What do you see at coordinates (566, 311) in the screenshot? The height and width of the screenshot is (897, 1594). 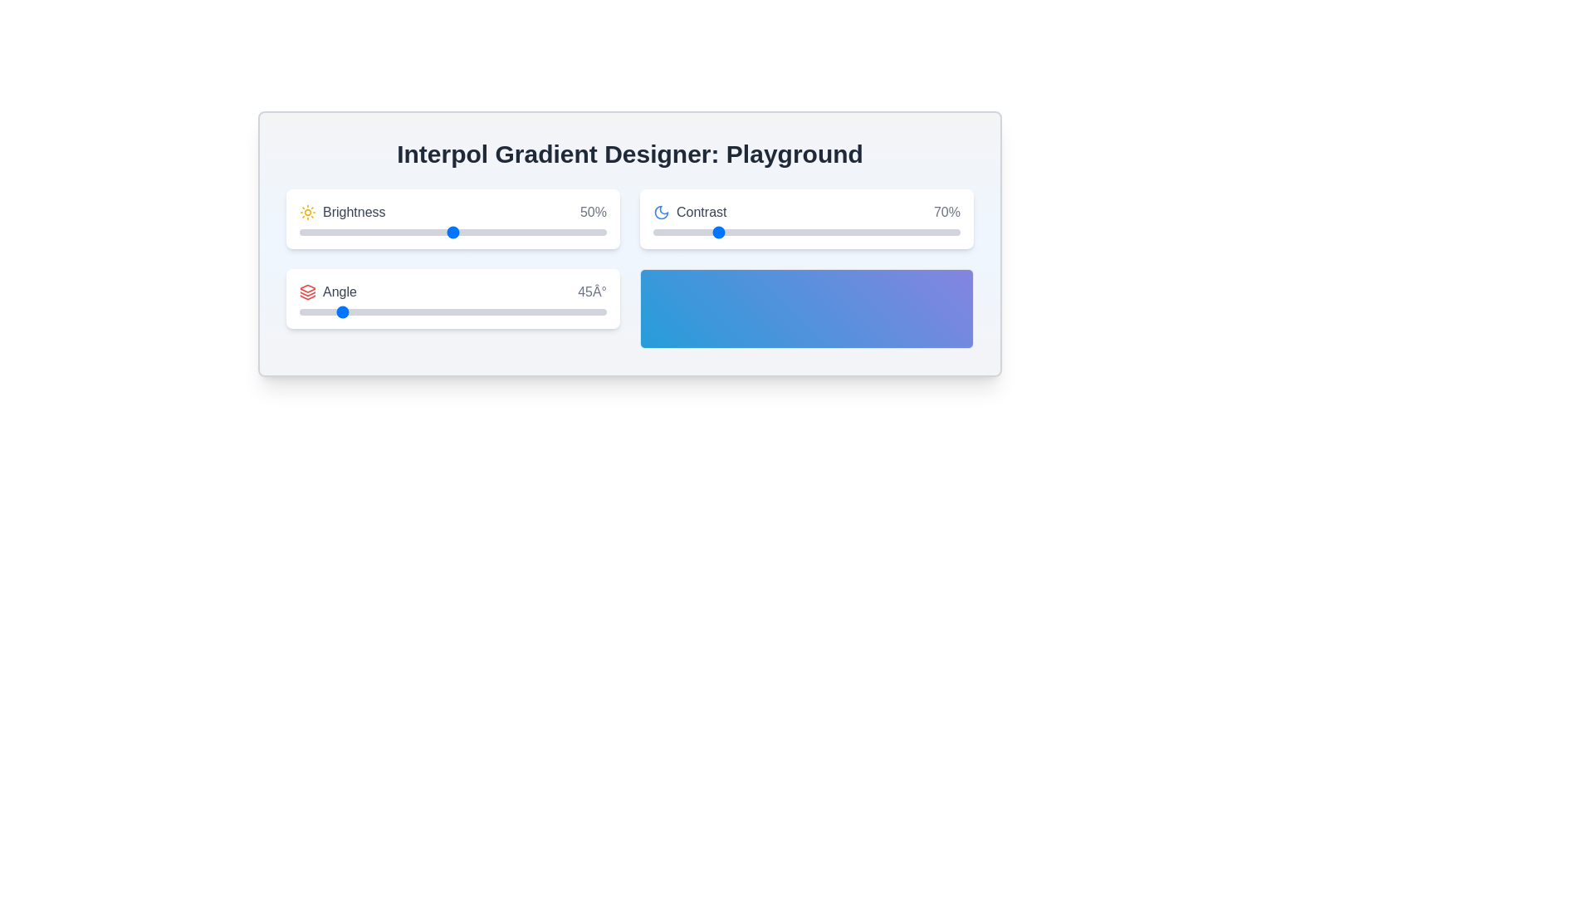 I see `the angle` at bounding box center [566, 311].